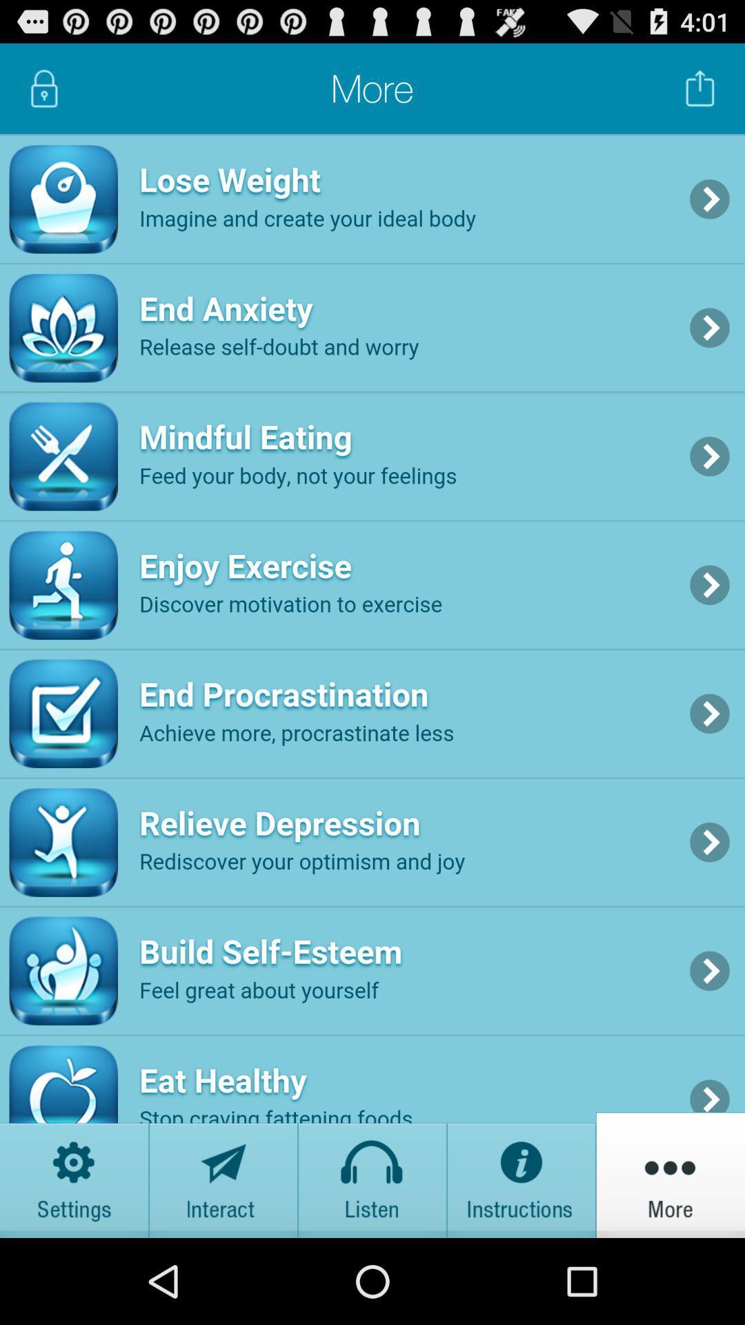 Image resolution: width=745 pixels, height=1325 pixels. I want to click on more button, so click(670, 1174).